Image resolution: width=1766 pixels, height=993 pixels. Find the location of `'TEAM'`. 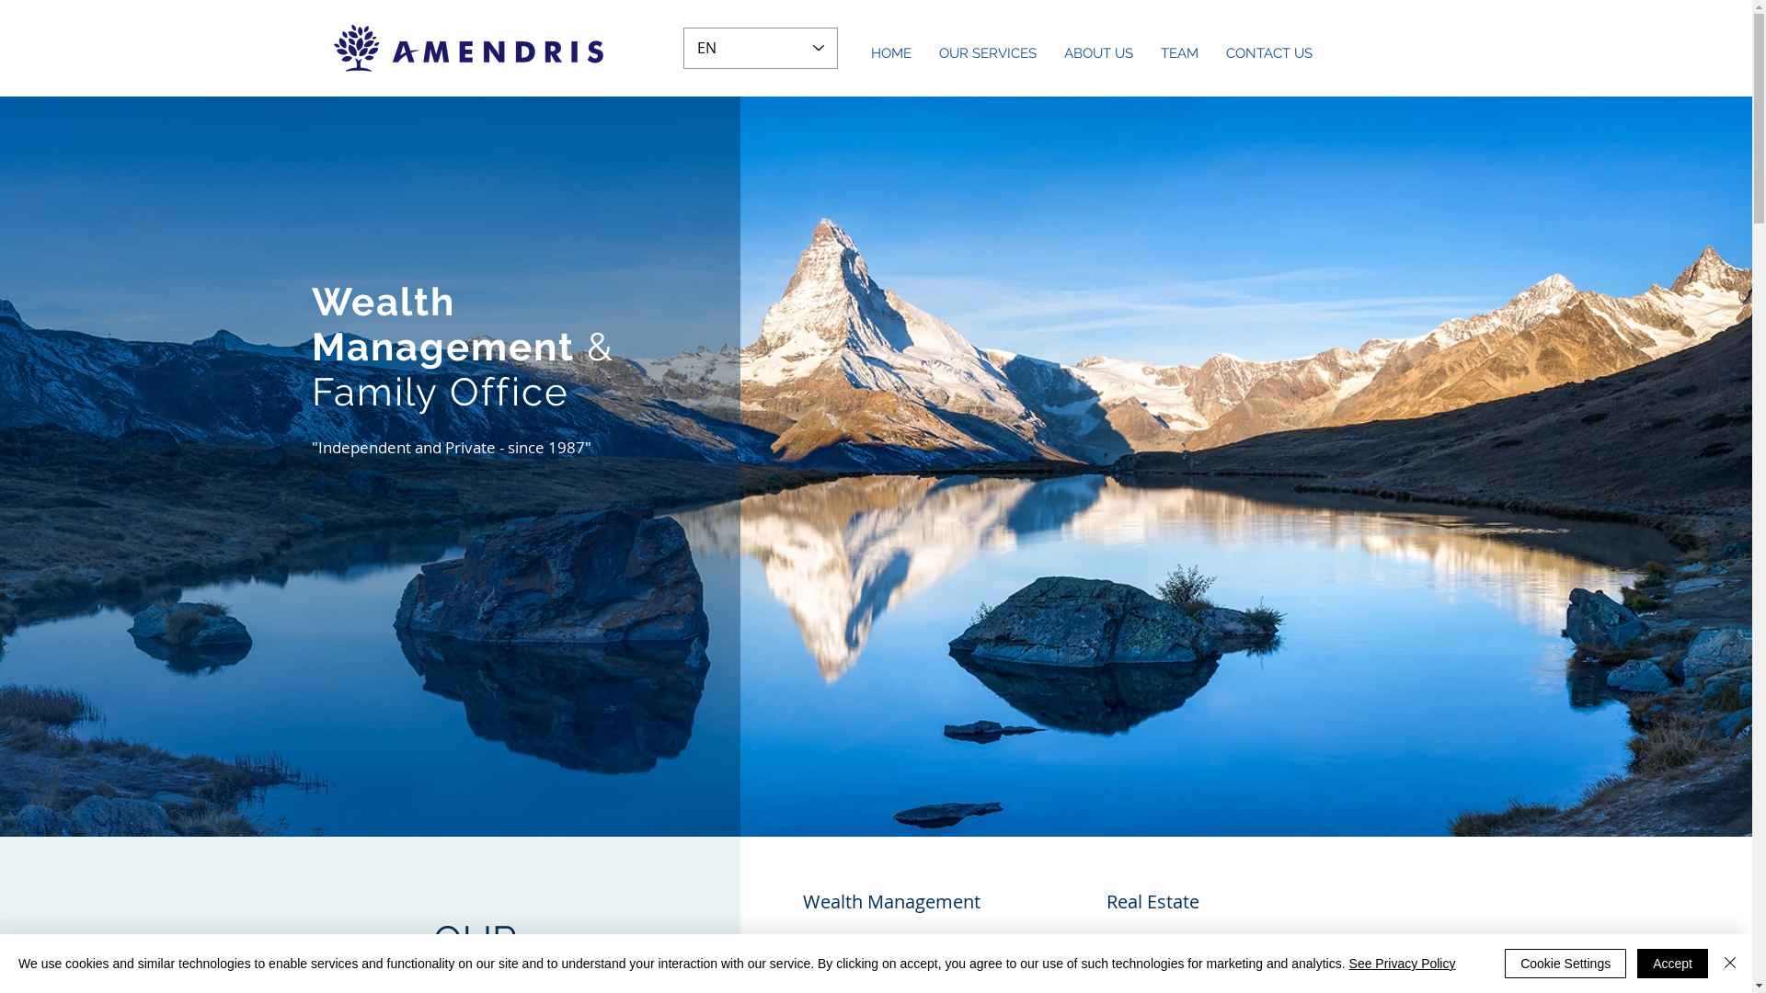

'TEAM' is located at coordinates (1178, 51).